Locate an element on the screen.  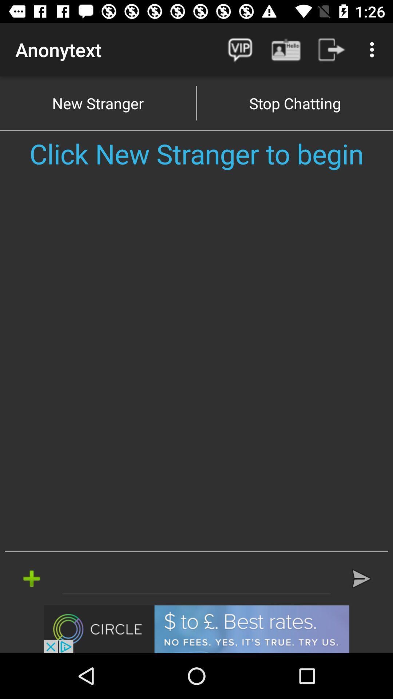
type search is located at coordinates (196, 578).